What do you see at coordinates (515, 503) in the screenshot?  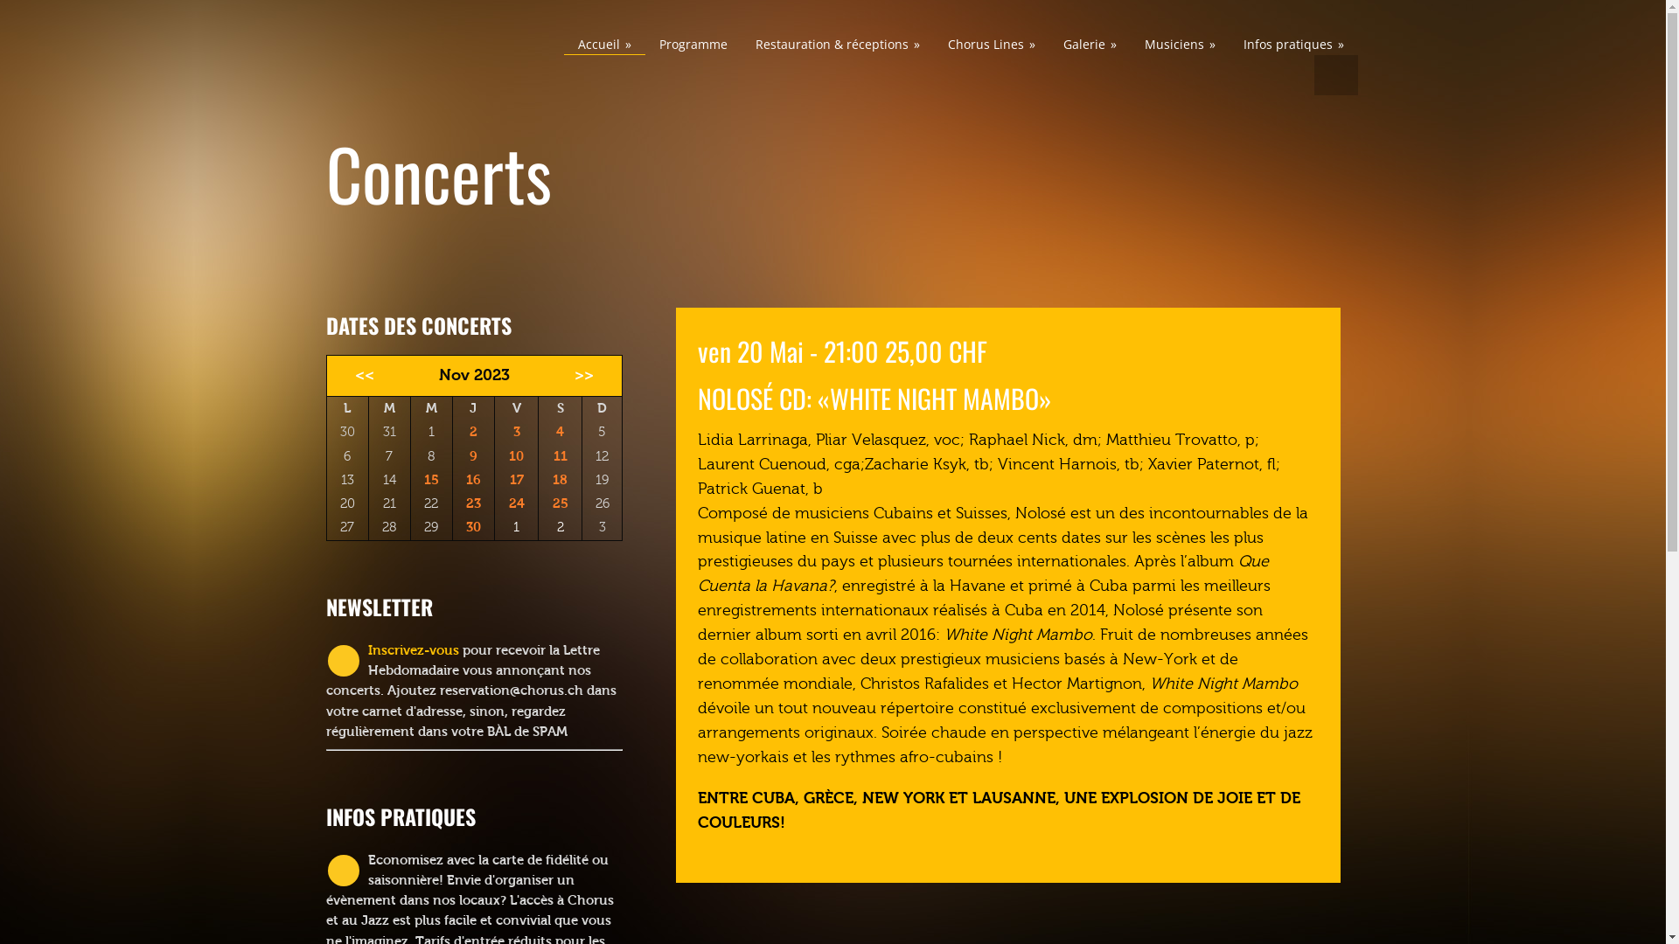 I see `'24'` at bounding box center [515, 503].